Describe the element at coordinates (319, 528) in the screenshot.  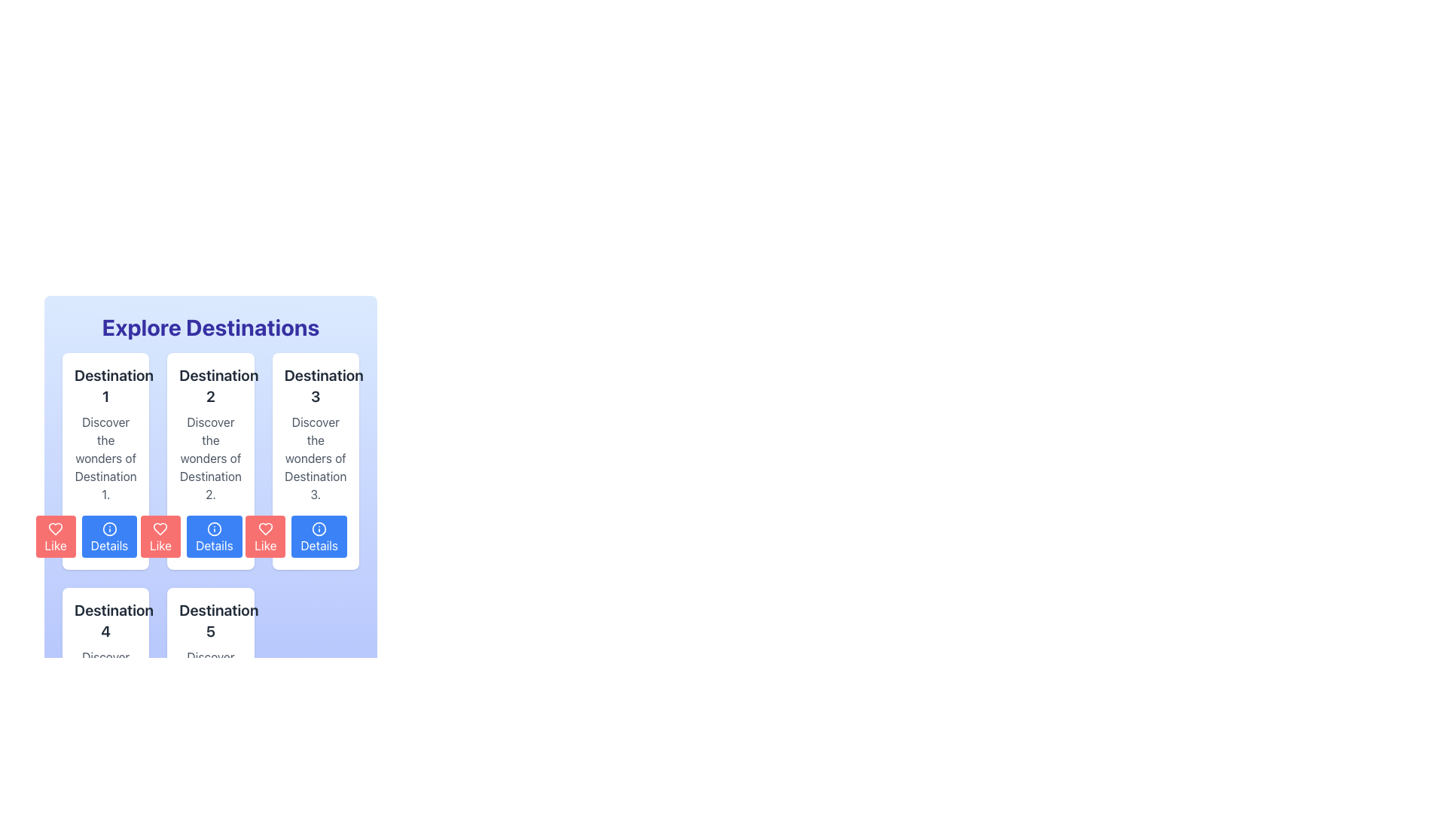
I see `the informational icon located in the 'Details' button under 'Destination 3' in the grid layout` at that location.